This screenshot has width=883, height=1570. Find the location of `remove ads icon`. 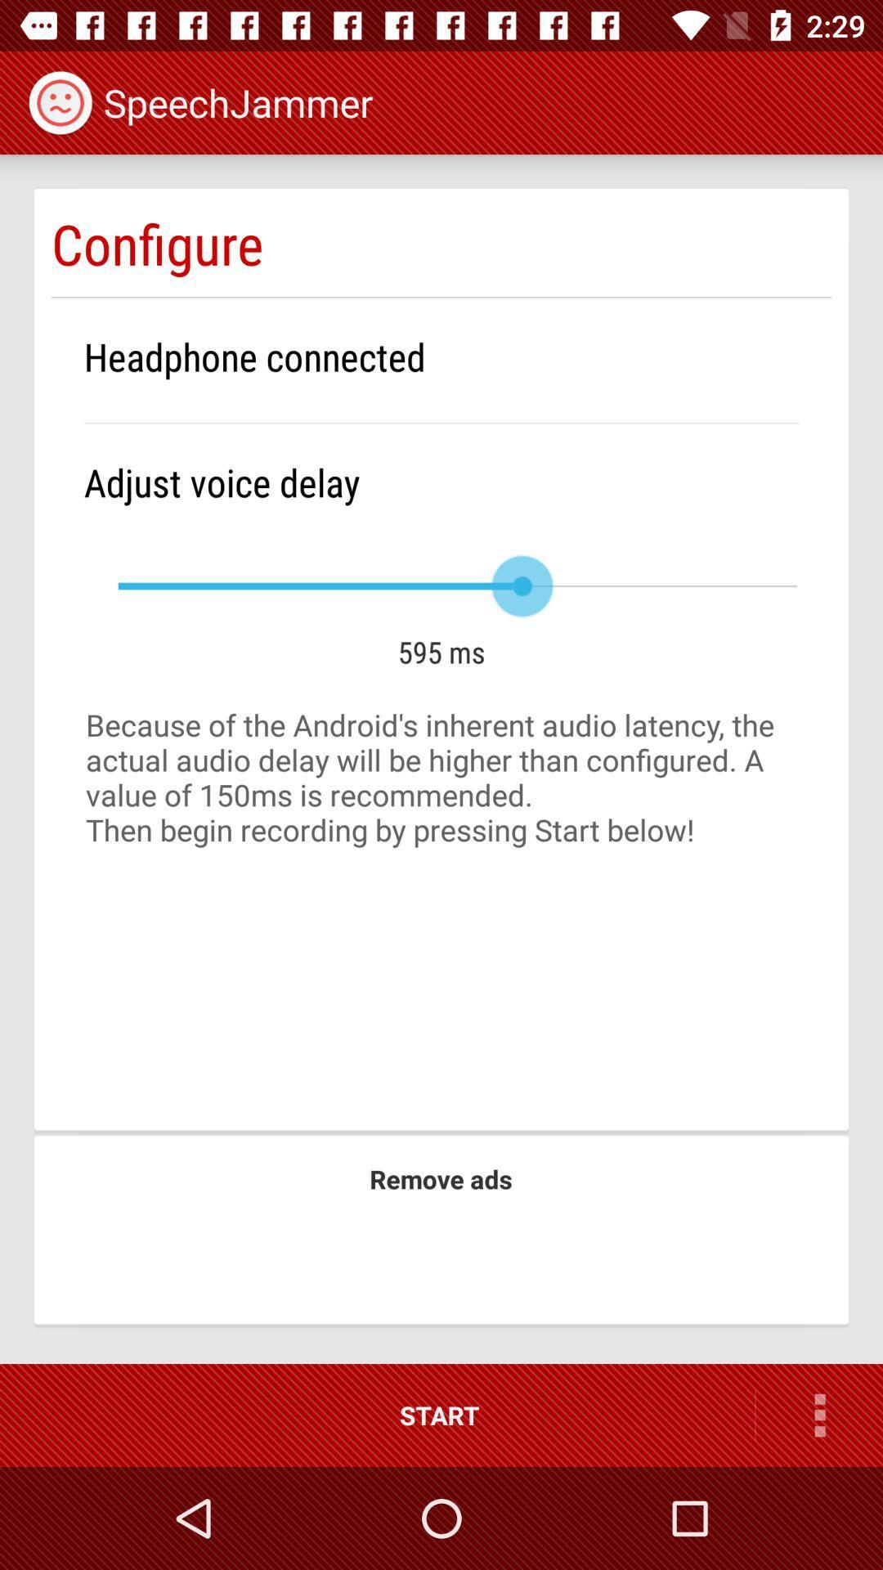

remove ads icon is located at coordinates (440, 1178).